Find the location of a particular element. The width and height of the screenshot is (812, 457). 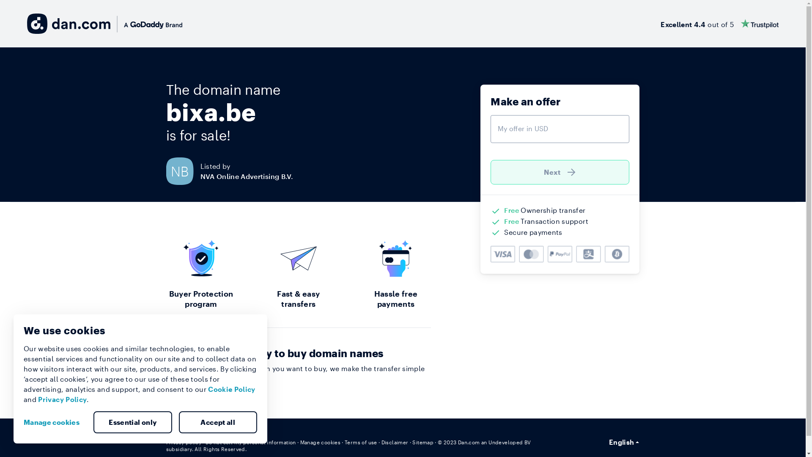

'Manage cookies' is located at coordinates (320, 442).